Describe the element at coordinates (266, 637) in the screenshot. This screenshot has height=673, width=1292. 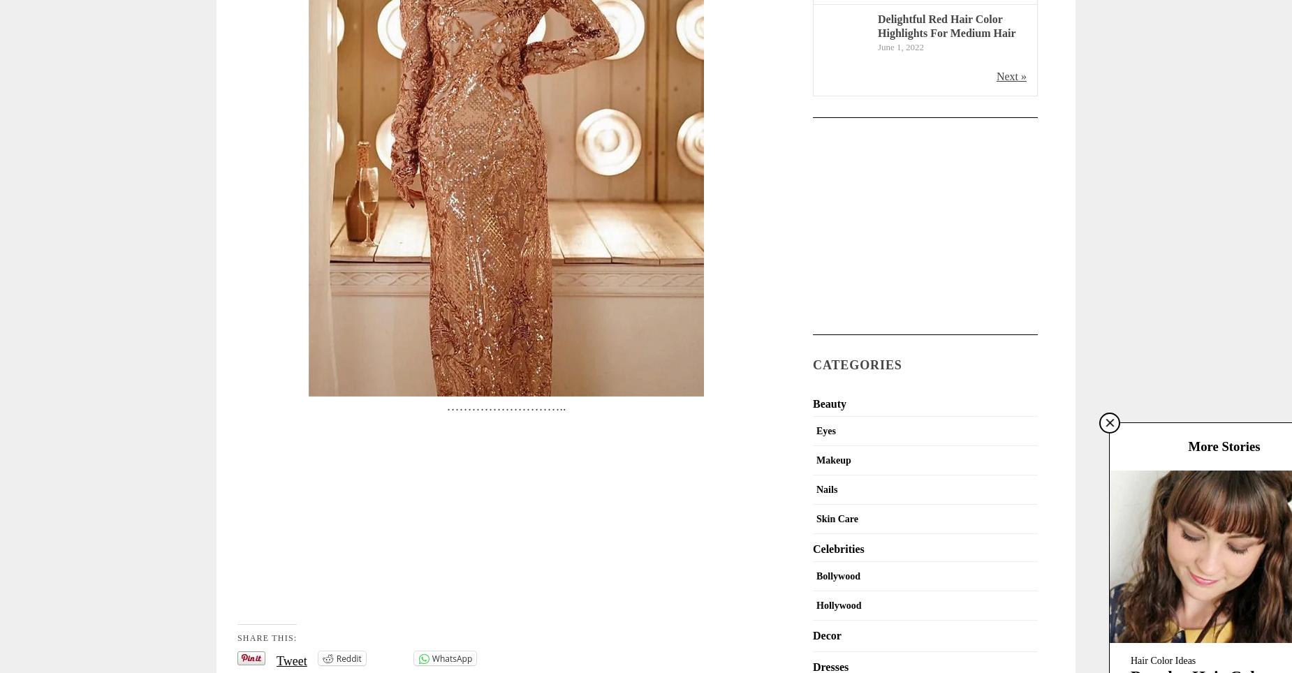
I see `'Share this:'` at that location.